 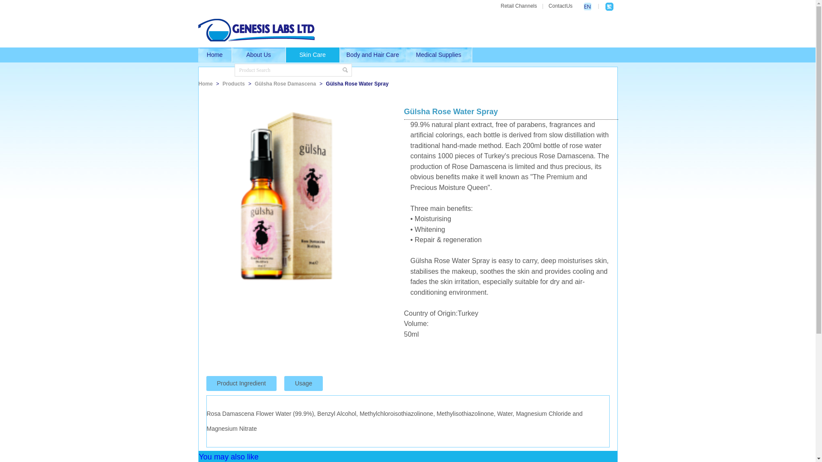 What do you see at coordinates (286, 55) in the screenshot?
I see `'Skin Care'` at bounding box center [286, 55].